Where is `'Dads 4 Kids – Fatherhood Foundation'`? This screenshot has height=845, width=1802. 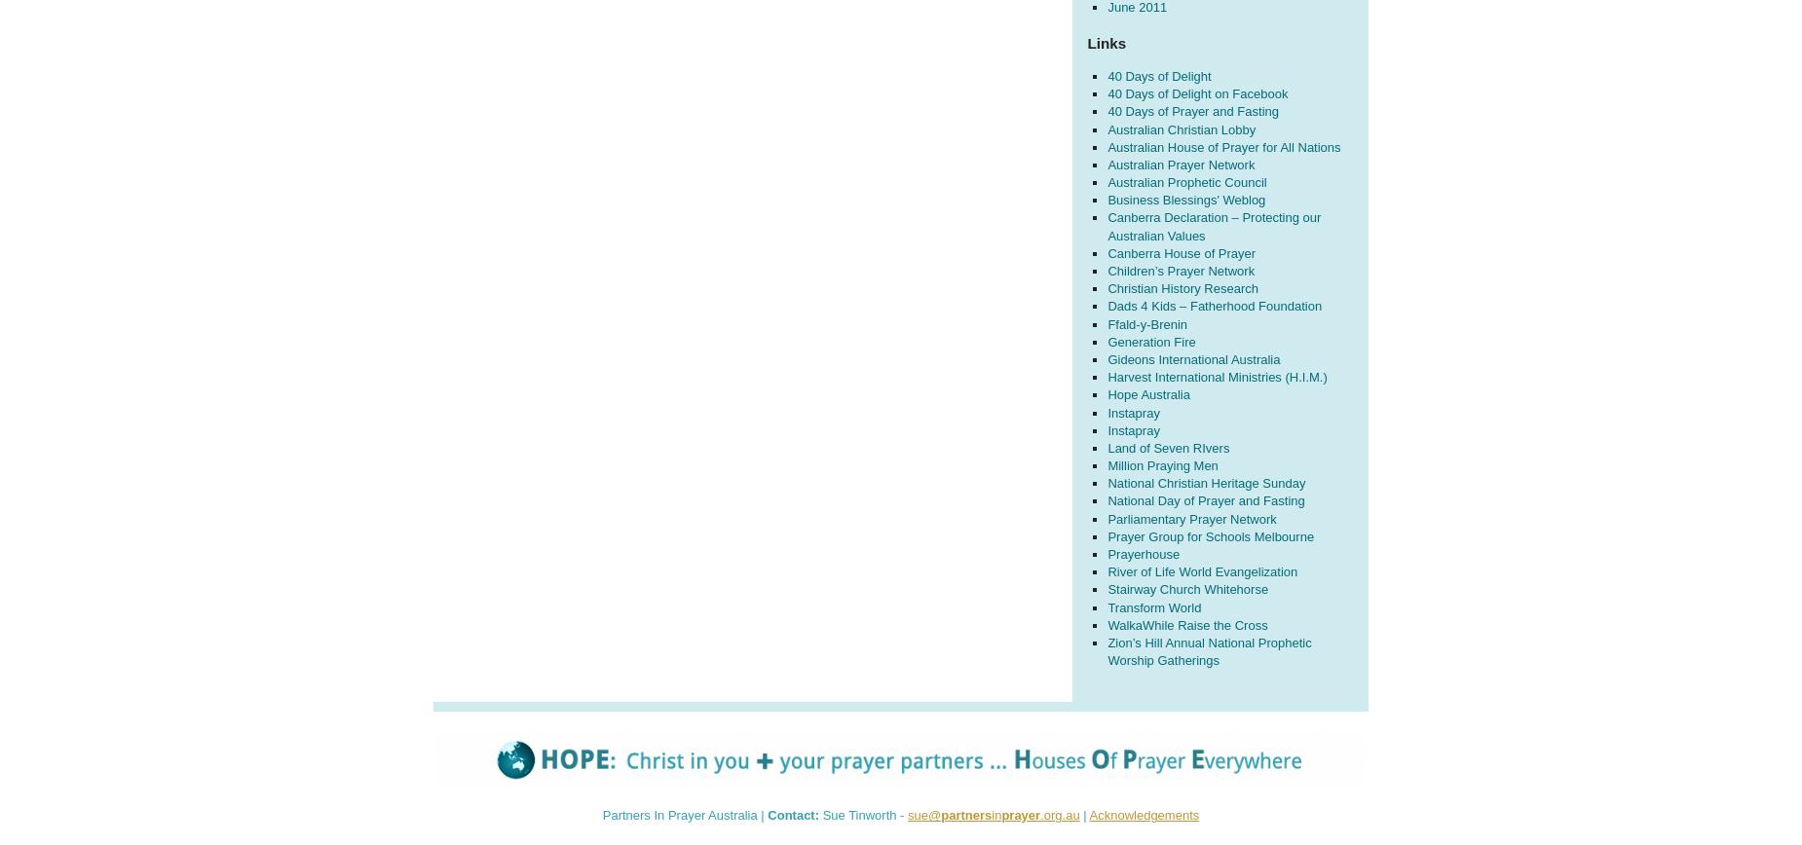 'Dads 4 Kids – Fatherhood Foundation' is located at coordinates (1214, 306).